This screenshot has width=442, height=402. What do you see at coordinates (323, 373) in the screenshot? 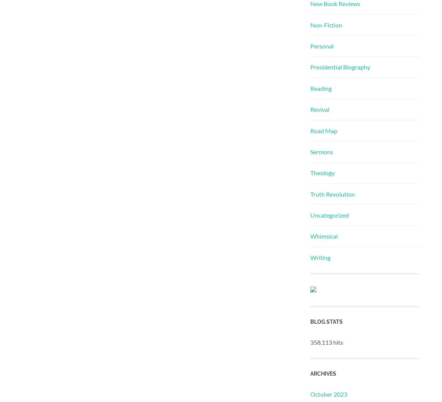
I see `'Archives'` at bounding box center [323, 373].